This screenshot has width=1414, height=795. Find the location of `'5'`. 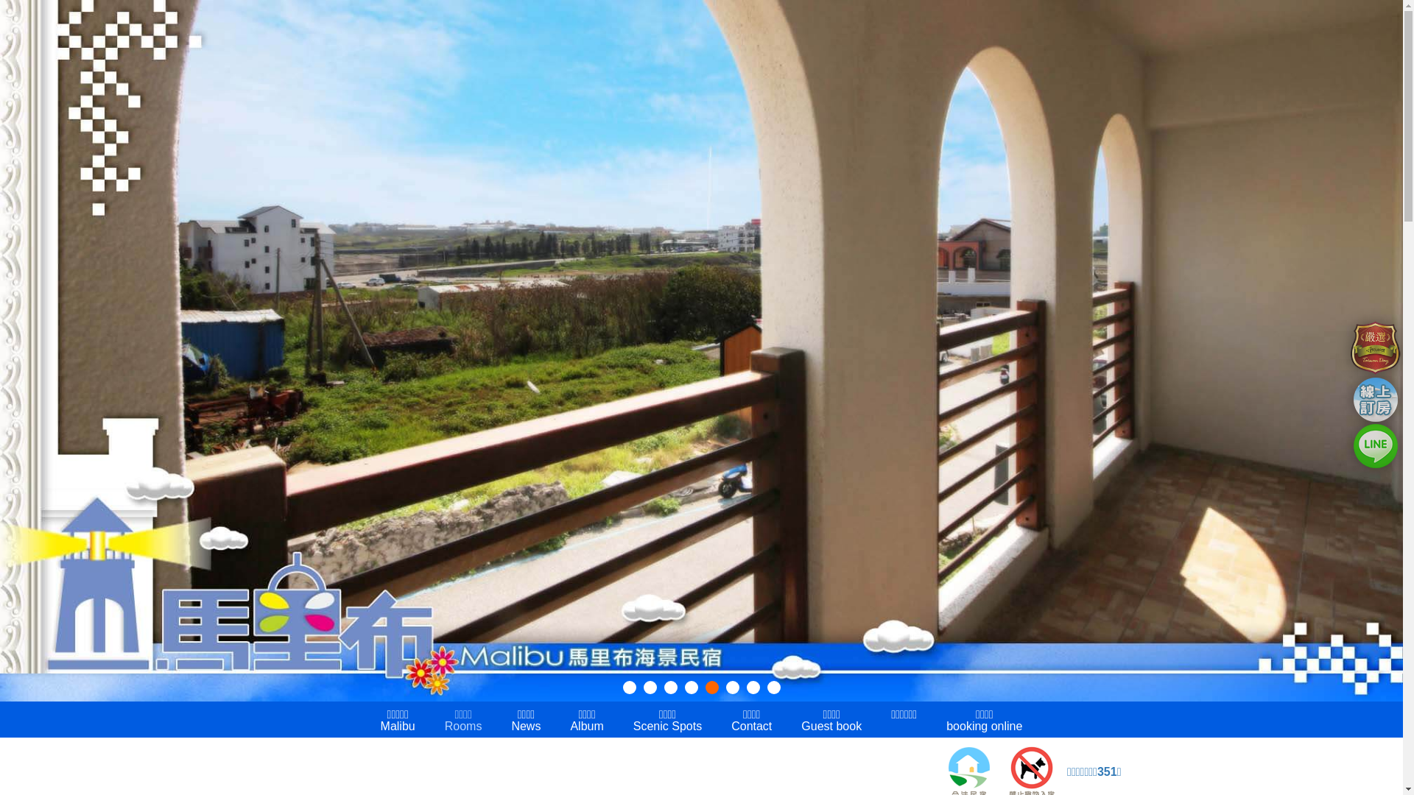

'5' is located at coordinates (711, 687).